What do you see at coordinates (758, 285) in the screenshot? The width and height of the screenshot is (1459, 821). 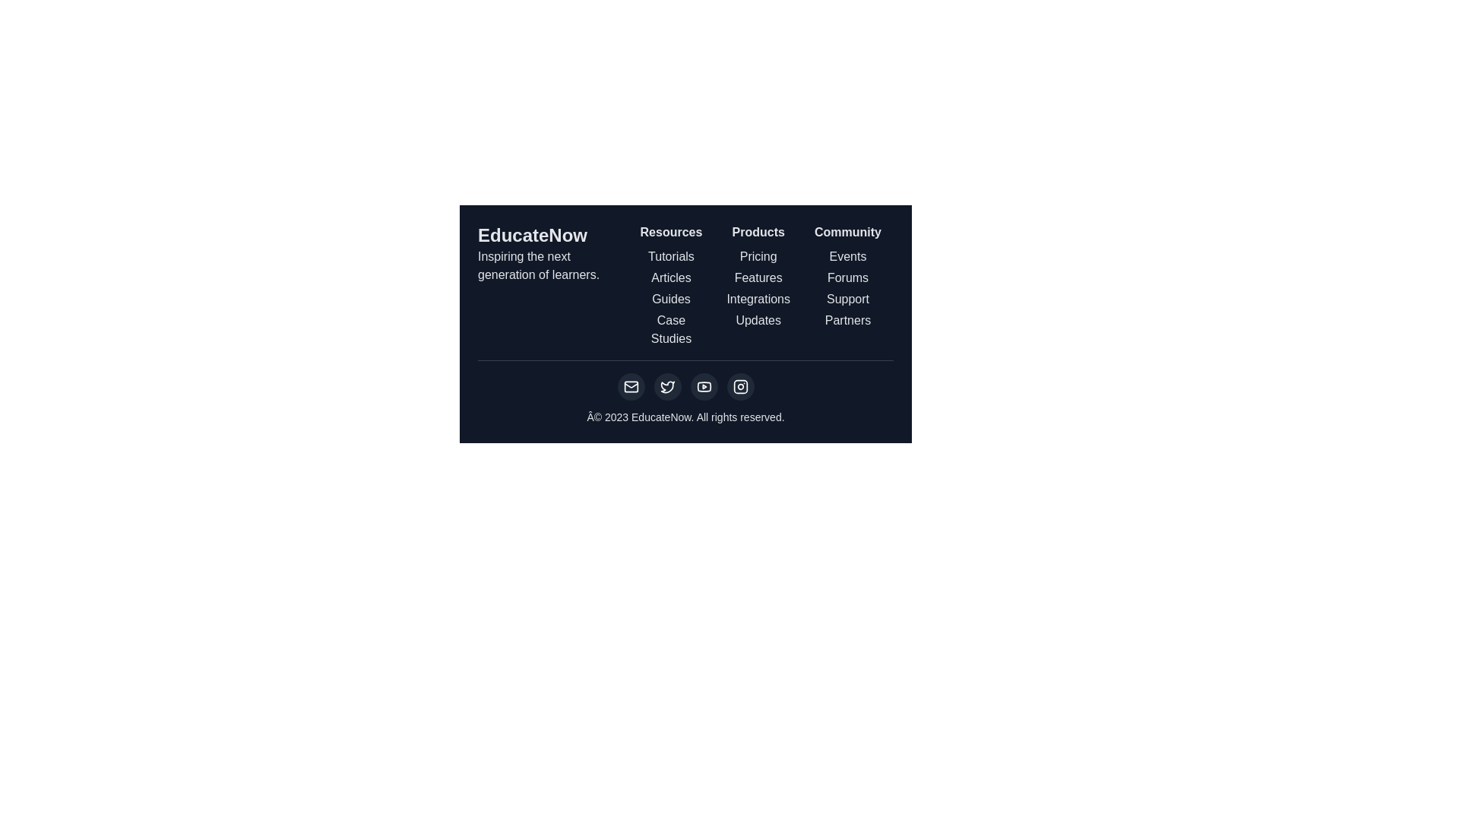 I see `the Navigation Menu` at bounding box center [758, 285].